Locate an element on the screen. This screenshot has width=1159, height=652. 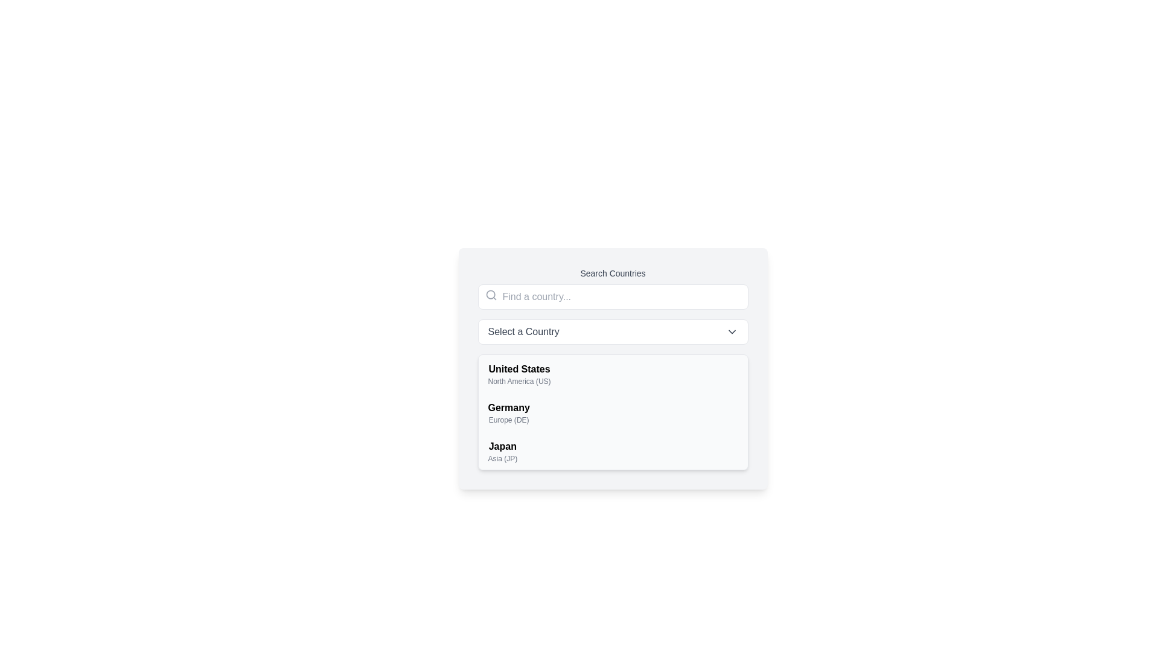
bold text label displaying 'Germany' located in the middle section of the dropdown list, positioned below 'United States' and above 'Europe (DE)' is located at coordinates (509, 407).